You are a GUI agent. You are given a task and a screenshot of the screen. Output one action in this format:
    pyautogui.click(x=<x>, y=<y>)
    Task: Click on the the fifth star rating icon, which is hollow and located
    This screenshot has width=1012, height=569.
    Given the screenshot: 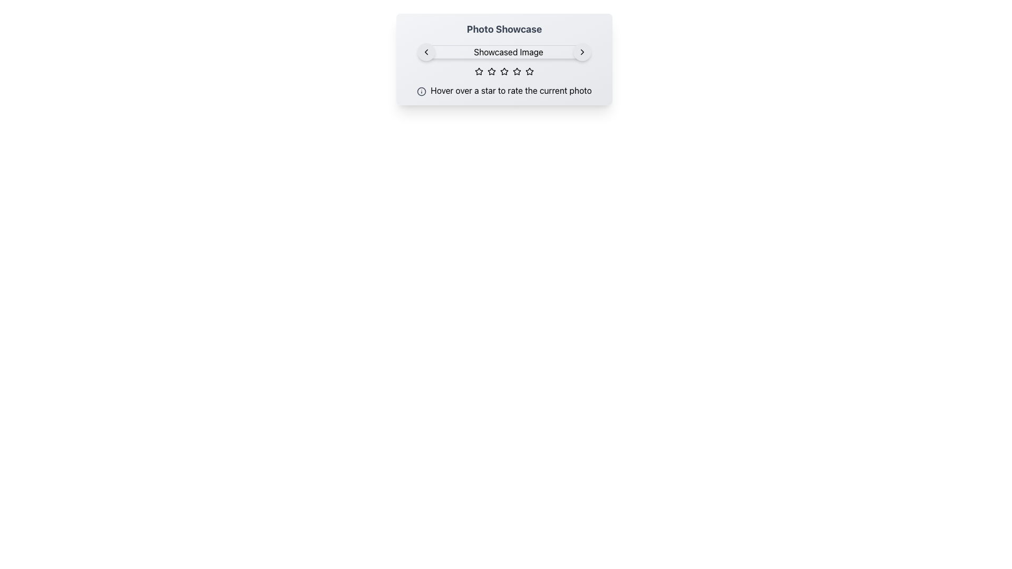 What is the action you would take?
    pyautogui.click(x=529, y=71)
    